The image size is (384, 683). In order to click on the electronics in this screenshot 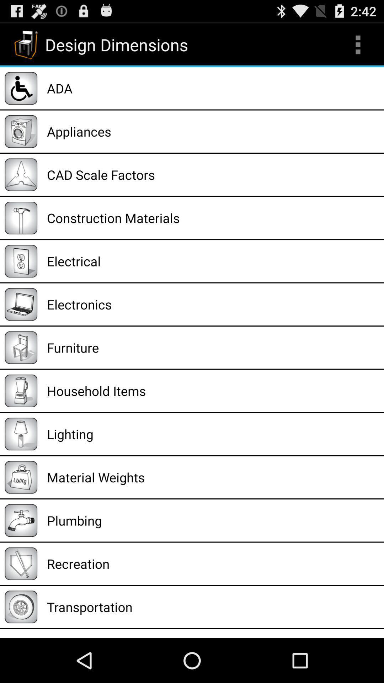, I will do `click(213, 304)`.